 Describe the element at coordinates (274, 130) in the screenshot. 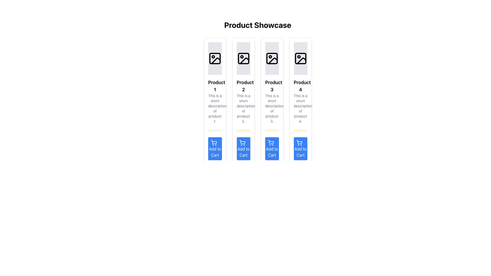

I see `the yellow star icon indicating a selected rating level for Product 3, which is the third star in a horizontal row of five stars beneath the product description` at that location.